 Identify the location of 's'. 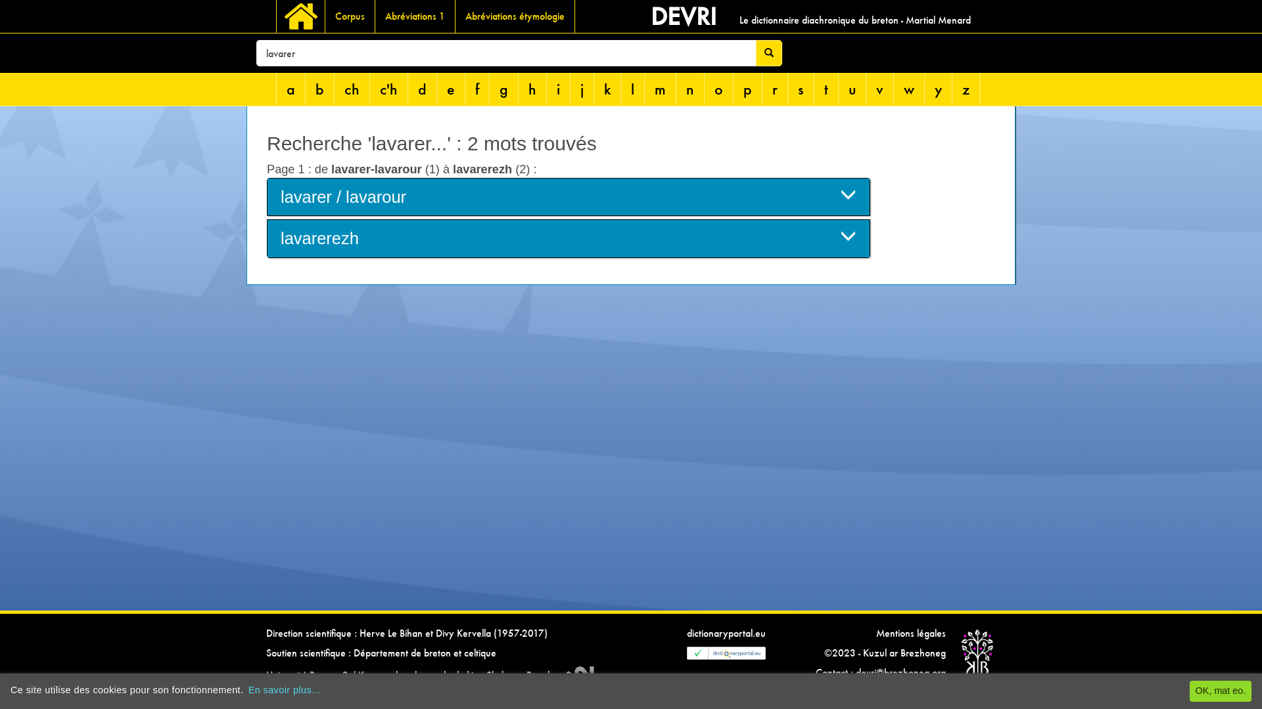
(801, 89).